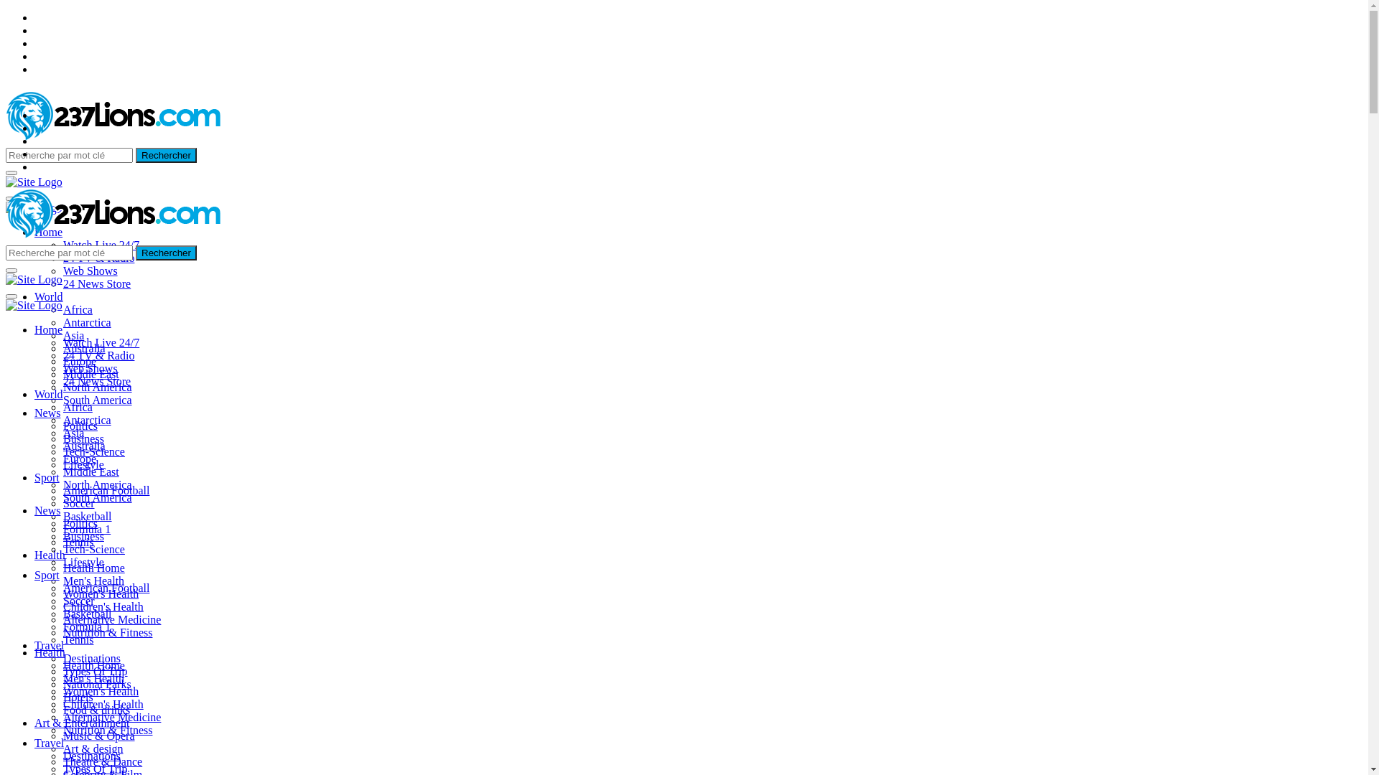 The image size is (1379, 775). What do you see at coordinates (85, 626) in the screenshot?
I see `'Formula 1'` at bounding box center [85, 626].